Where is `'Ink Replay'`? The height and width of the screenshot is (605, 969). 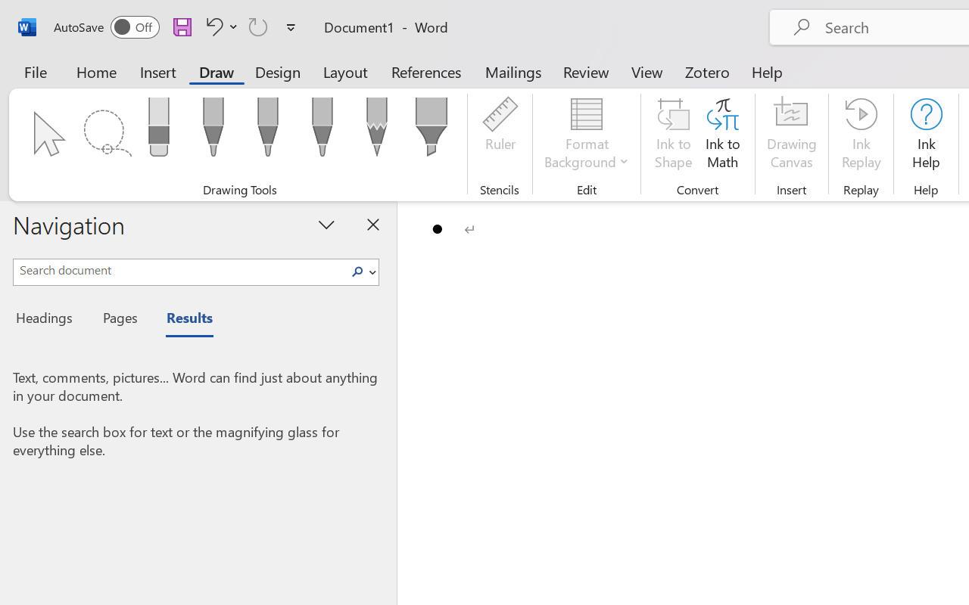 'Ink Replay' is located at coordinates (861, 135).